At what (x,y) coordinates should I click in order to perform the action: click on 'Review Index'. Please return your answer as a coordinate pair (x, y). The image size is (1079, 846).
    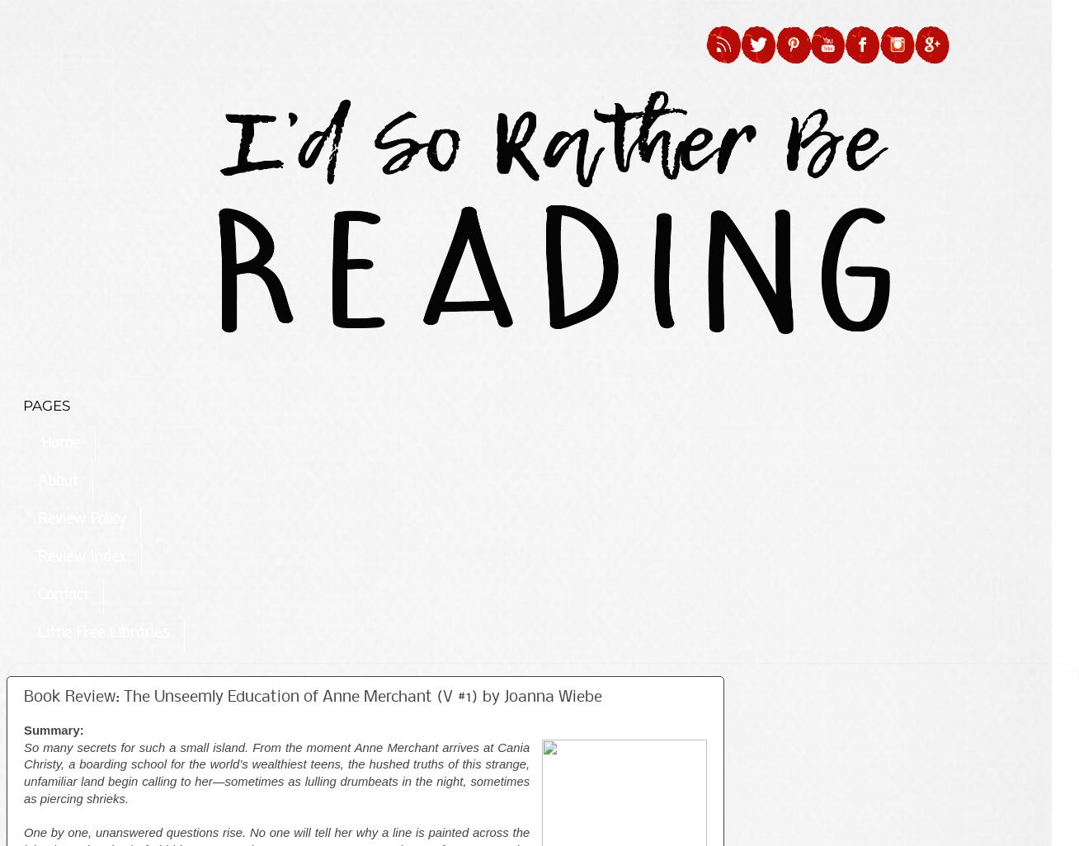
    Looking at the image, I should click on (81, 557).